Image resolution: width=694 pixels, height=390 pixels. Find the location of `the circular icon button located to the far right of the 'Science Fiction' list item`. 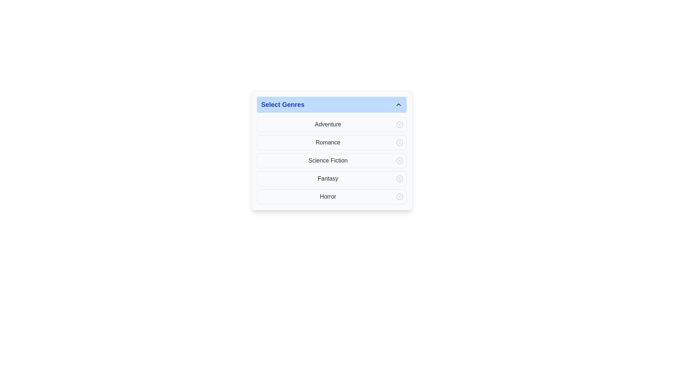

the circular icon button located to the far right of the 'Science Fiction' list item is located at coordinates (399, 160).